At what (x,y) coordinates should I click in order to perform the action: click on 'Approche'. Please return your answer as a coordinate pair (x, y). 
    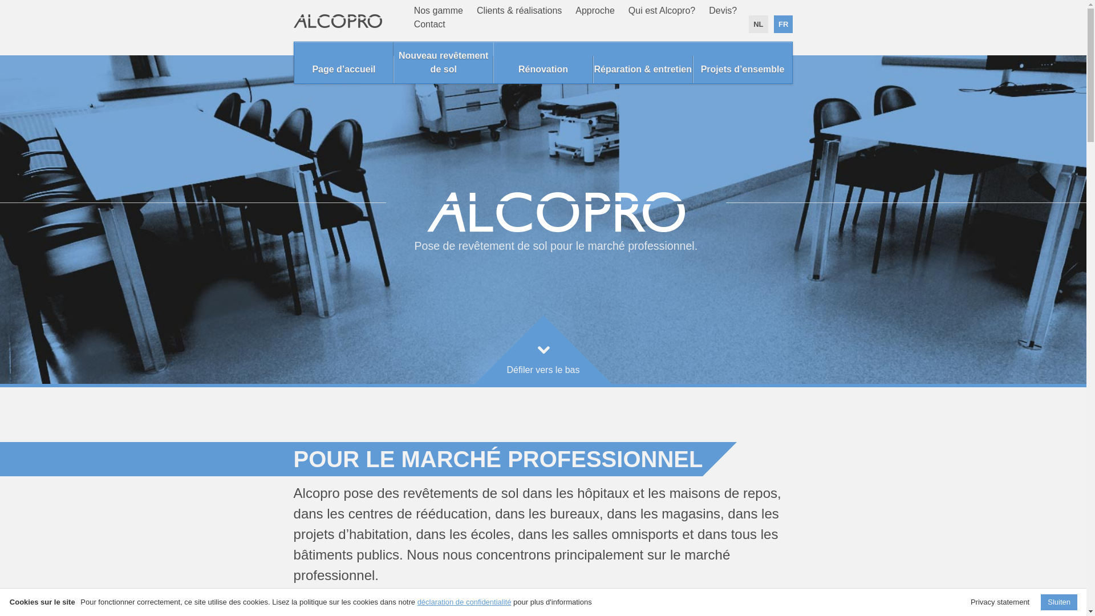
    Looking at the image, I should click on (594, 10).